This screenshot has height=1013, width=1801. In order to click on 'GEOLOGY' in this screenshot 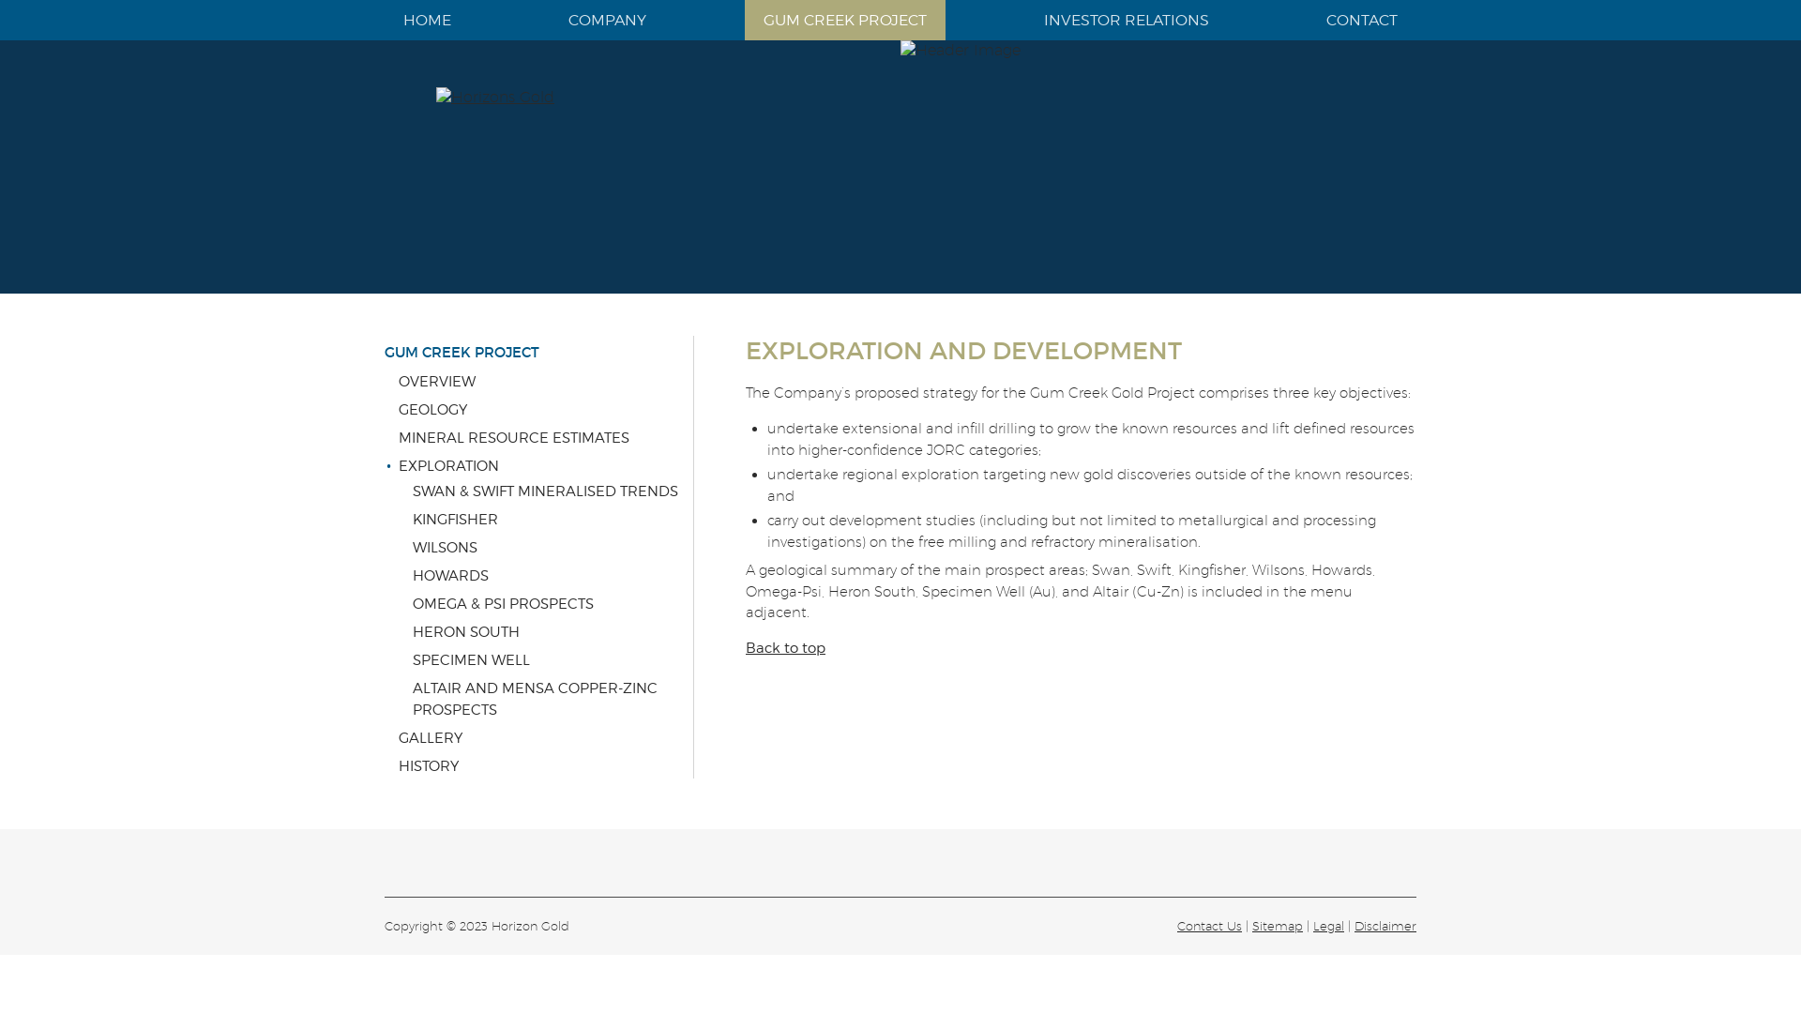, I will do `click(544, 408)`.